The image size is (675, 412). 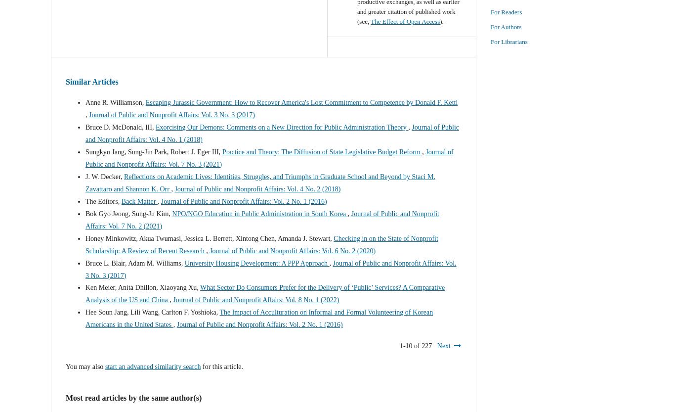 What do you see at coordinates (260, 183) in the screenshot?
I see `'Reflections on Academic Lives: Identities, Struggles, and Triumphs in Graduate School and Beyond by Staci M. Zavattaro and Shannon K. Orr'` at bounding box center [260, 183].